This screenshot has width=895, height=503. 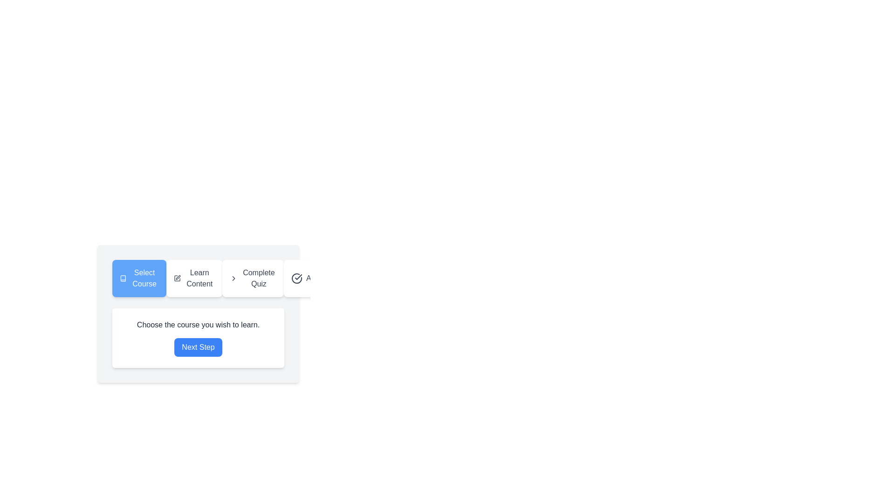 What do you see at coordinates (198, 347) in the screenshot?
I see `'Next Step' button to proceed to the next step in the course progress` at bounding box center [198, 347].